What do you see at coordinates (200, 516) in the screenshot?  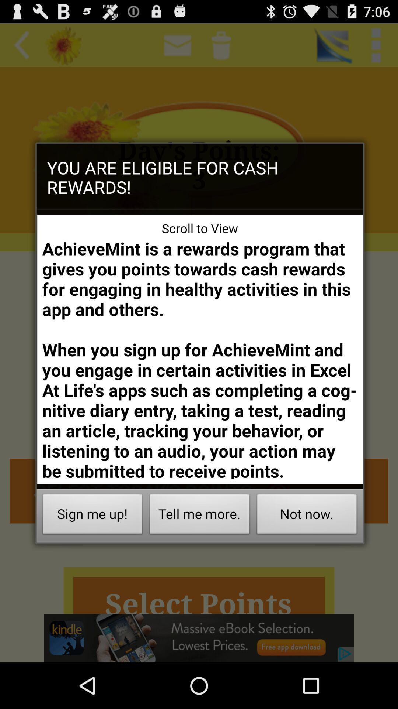 I see `item to the right of the sign me up! icon` at bounding box center [200, 516].